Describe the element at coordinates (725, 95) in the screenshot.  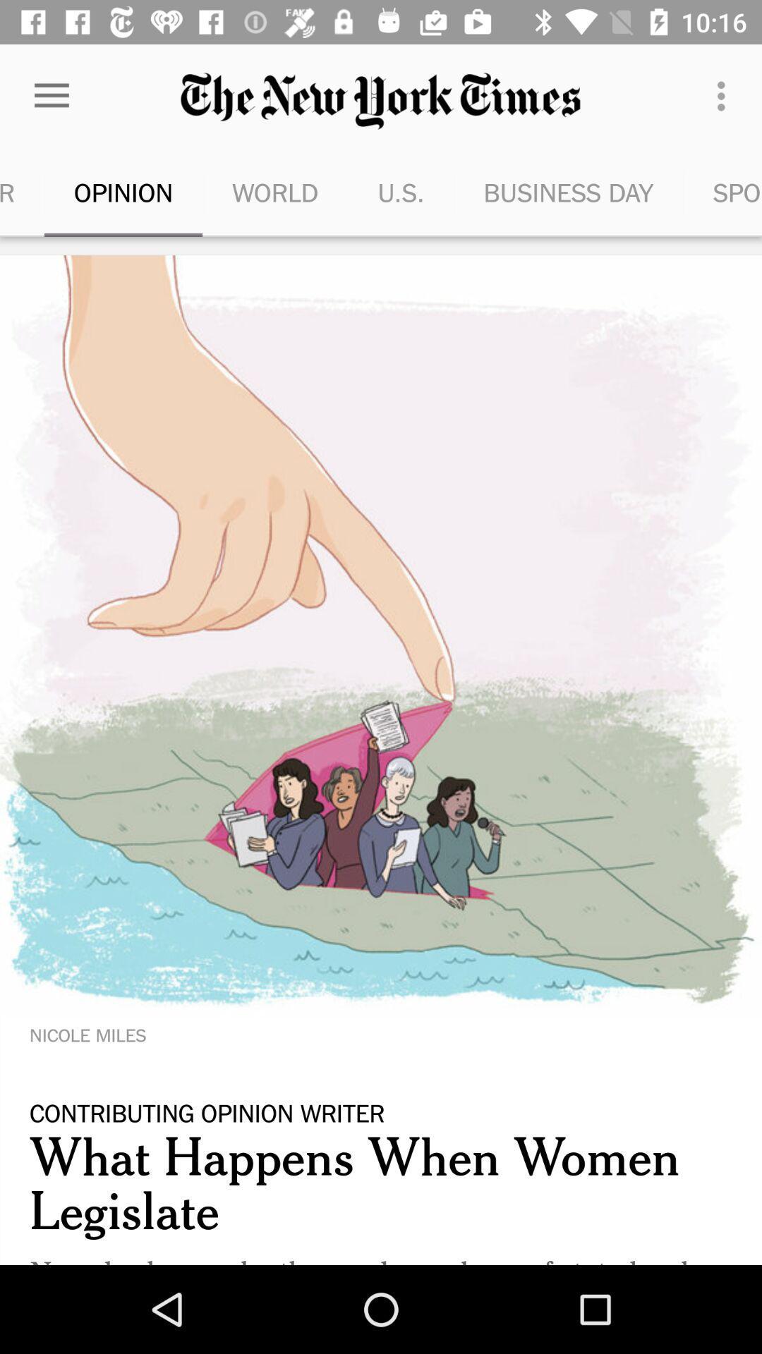
I see `item next to the business day item` at that location.